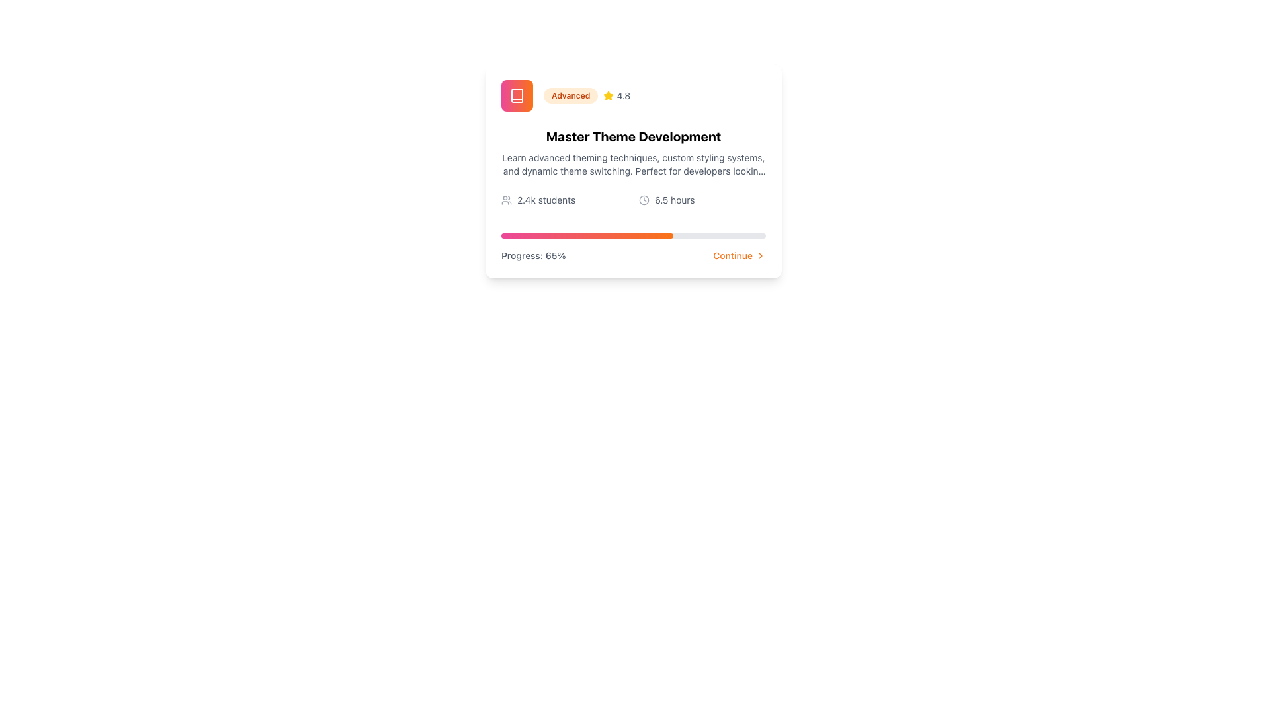 Image resolution: width=1270 pixels, height=714 pixels. I want to click on the Text block located in the lower section of the 'Master Theme Development' card, immediately after the title and above the student and hours section, so click(633, 164).